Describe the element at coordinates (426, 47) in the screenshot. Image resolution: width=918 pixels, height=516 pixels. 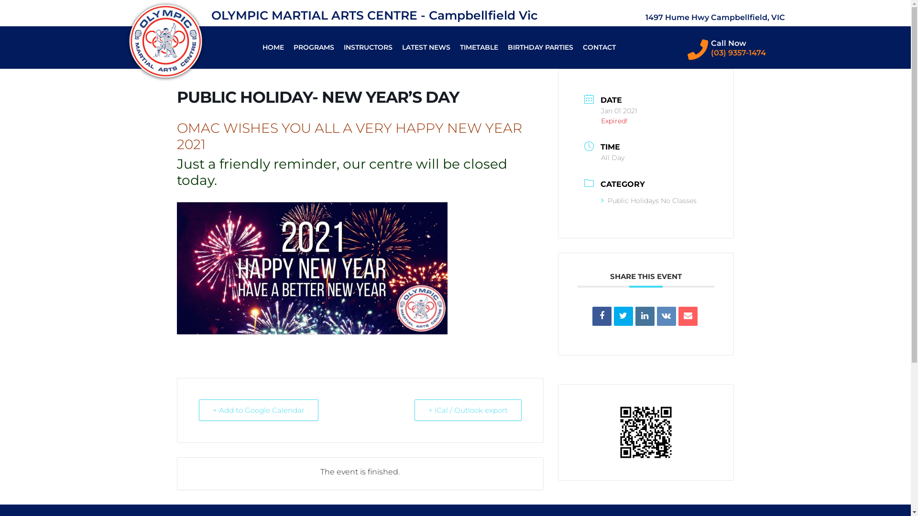
I see `'LATEST NEWS'` at that location.